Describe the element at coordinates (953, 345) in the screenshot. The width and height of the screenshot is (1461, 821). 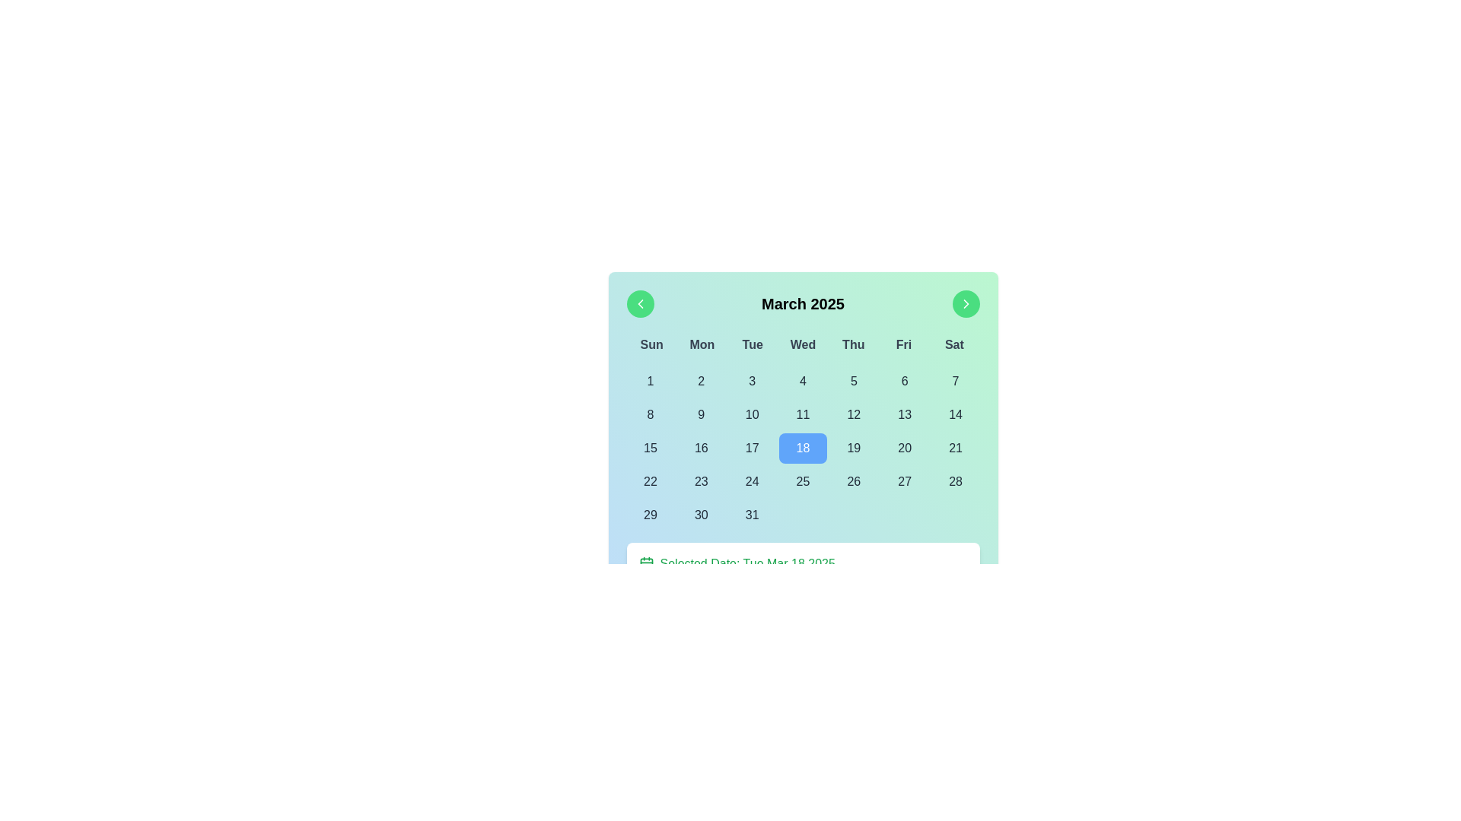
I see `the static text label displaying 'Sat', which is the last day of the week in the calendar header, positioned within a light green background` at that location.